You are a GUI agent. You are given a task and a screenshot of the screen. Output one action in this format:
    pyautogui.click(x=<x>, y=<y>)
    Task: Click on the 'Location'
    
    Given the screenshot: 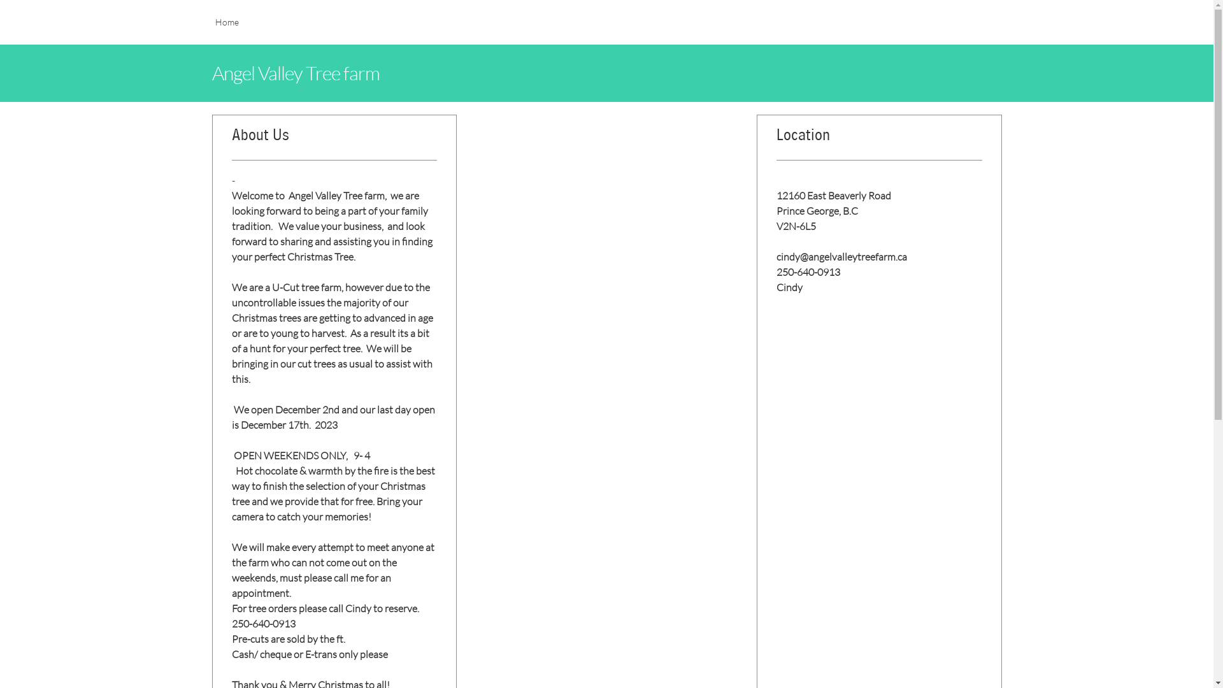 What is the action you would take?
    pyautogui.click(x=878, y=140)
    